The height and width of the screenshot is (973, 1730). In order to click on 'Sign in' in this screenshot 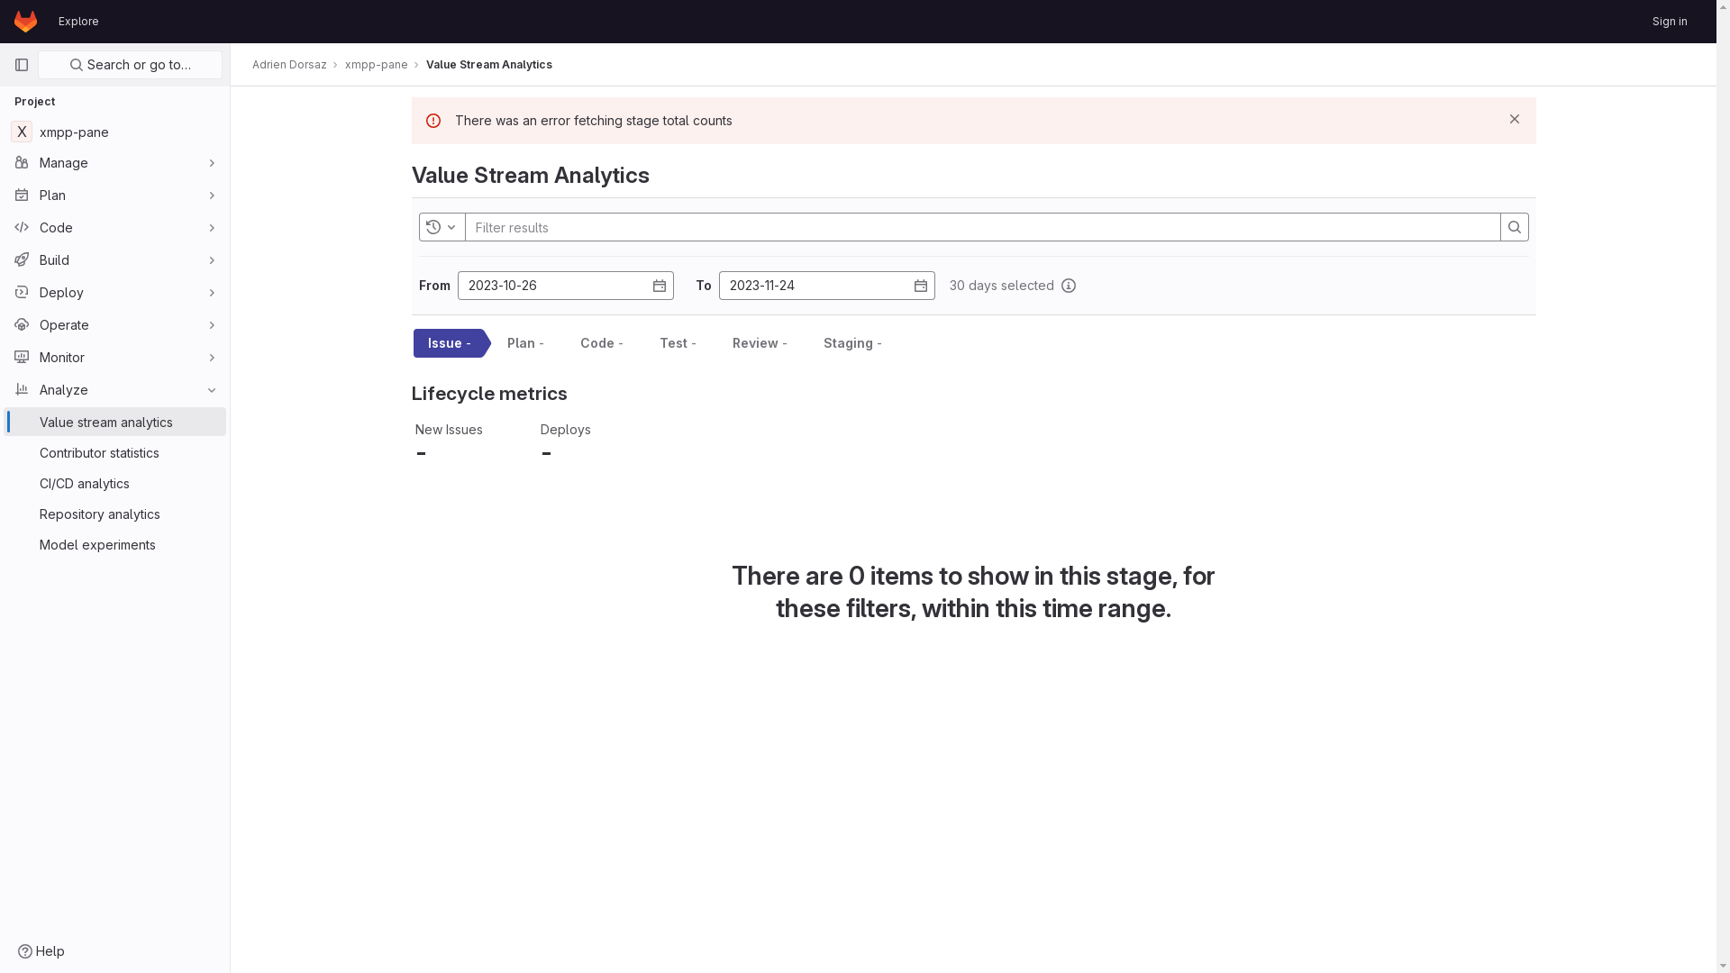, I will do `click(1669, 21)`.